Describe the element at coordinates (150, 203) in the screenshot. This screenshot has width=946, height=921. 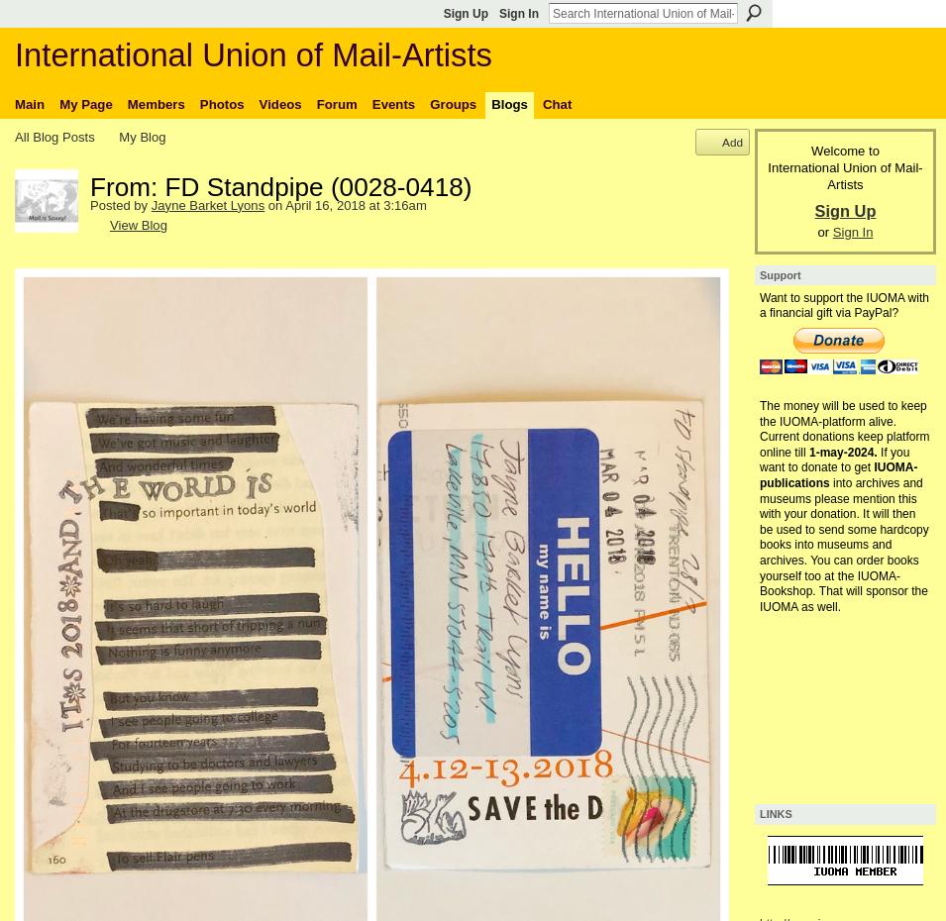
I see `'Jayne Barket Lyons'` at that location.